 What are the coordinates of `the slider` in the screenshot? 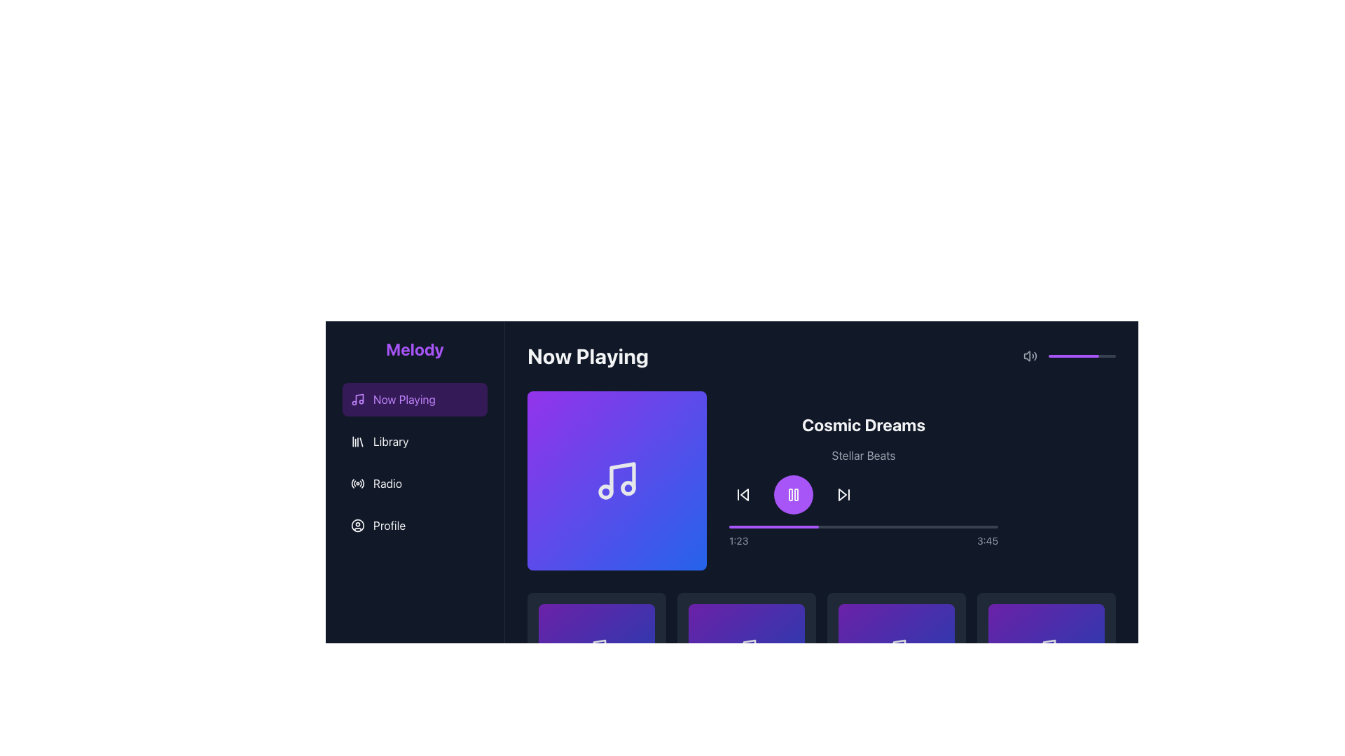 It's located at (1091, 356).